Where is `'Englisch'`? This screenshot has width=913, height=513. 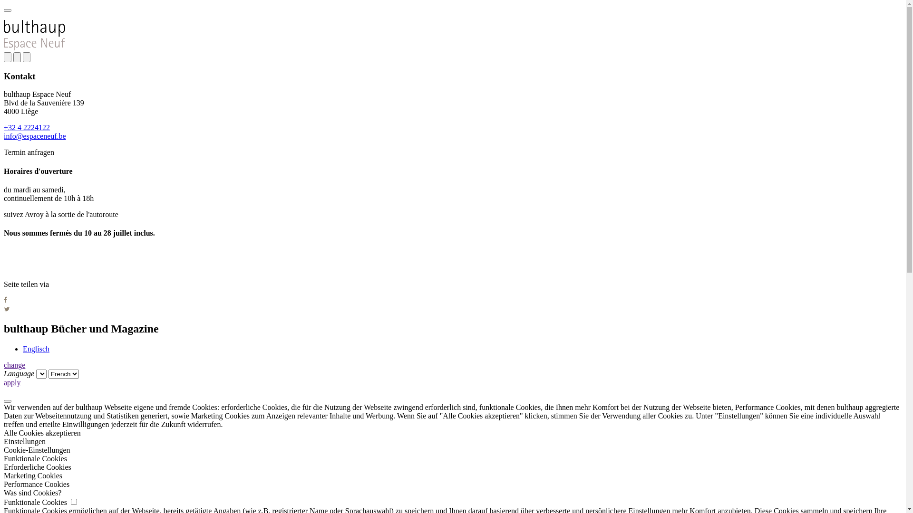 'Englisch' is located at coordinates (36, 349).